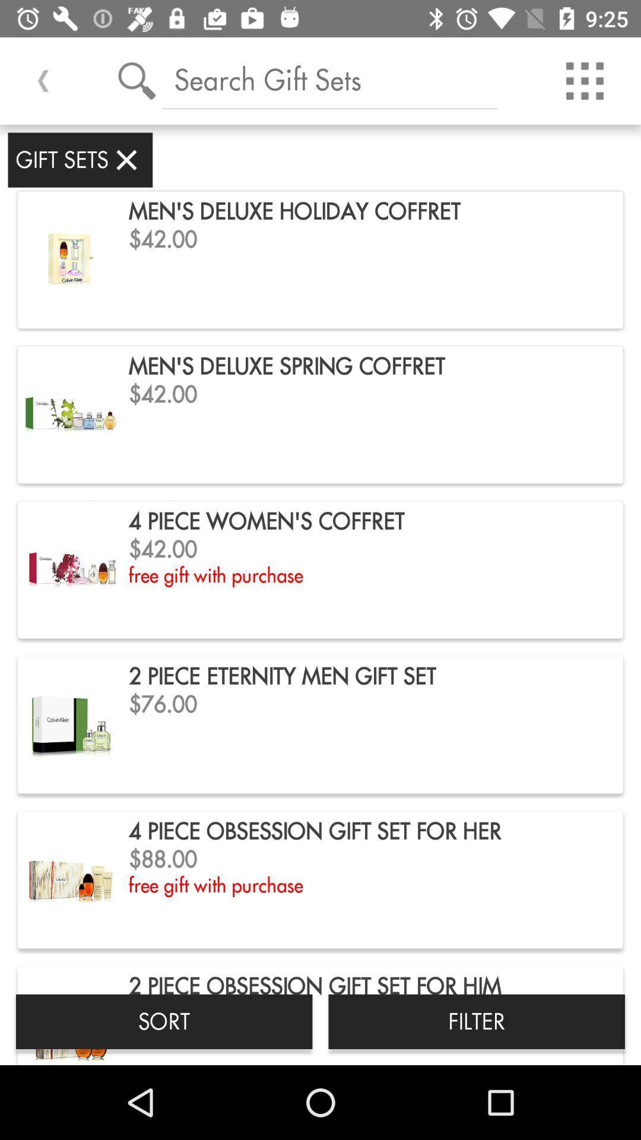  I want to click on the item to the left of filter icon, so click(164, 1021).